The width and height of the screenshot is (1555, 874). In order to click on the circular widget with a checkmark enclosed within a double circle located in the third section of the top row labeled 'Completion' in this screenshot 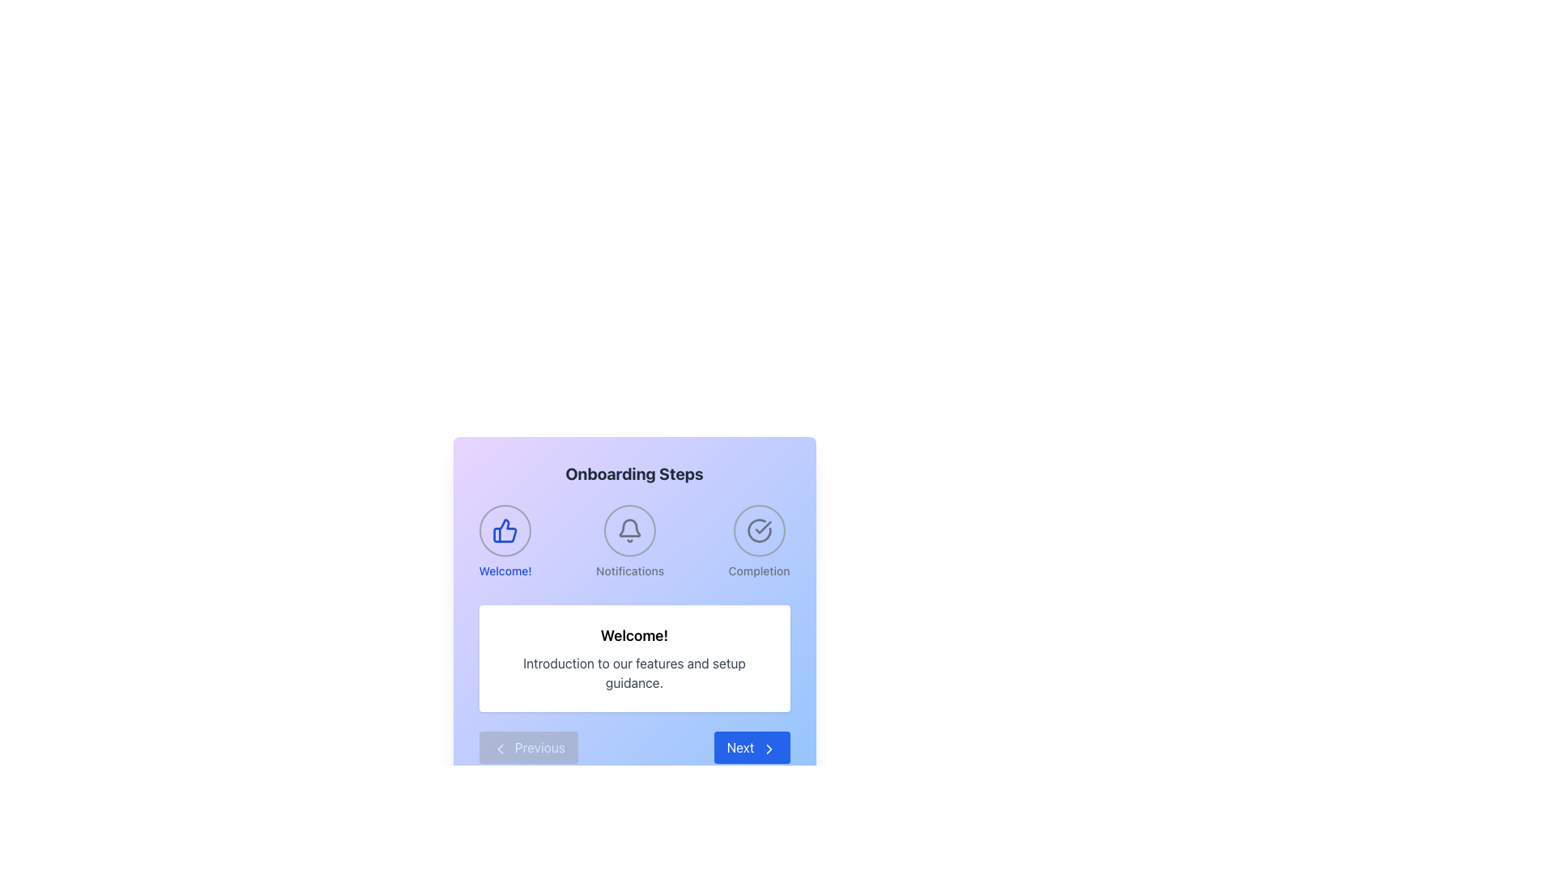, I will do `click(758, 530)`.